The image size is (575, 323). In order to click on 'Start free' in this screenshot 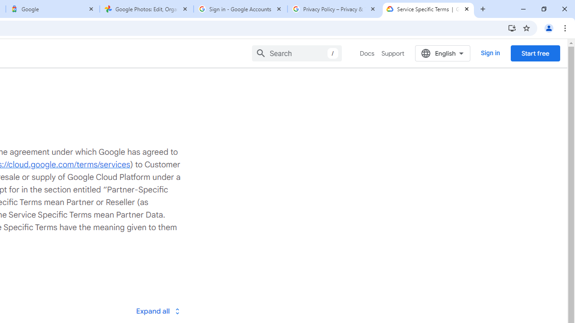, I will do `click(535, 53)`.